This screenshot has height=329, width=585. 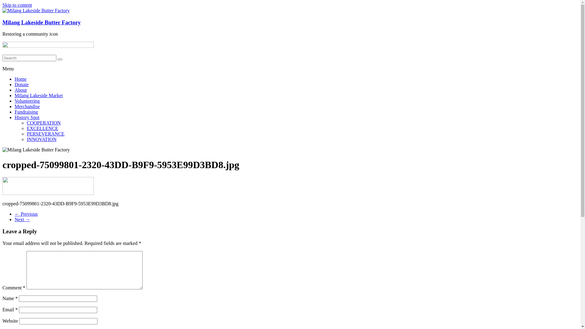 I want to click on 'About', so click(x=20, y=90).